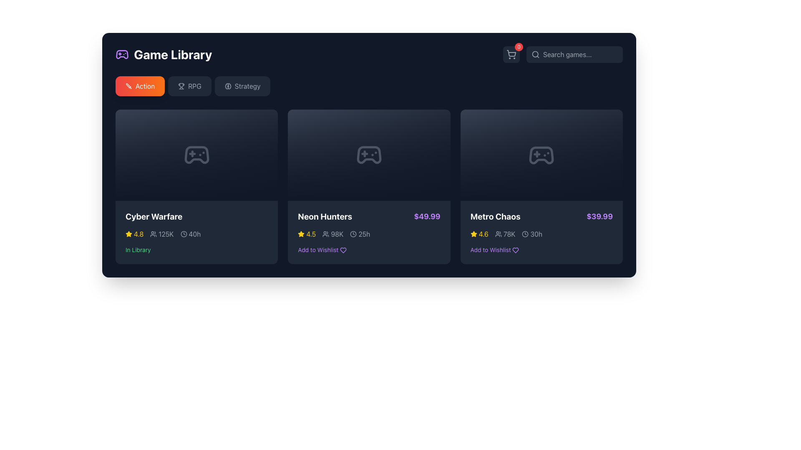 This screenshot has height=450, width=801. I want to click on the static label displaying the price '$49.99' in bold purple text, located on the right side of the 'Neon Hunters' card, so click(427, 216).